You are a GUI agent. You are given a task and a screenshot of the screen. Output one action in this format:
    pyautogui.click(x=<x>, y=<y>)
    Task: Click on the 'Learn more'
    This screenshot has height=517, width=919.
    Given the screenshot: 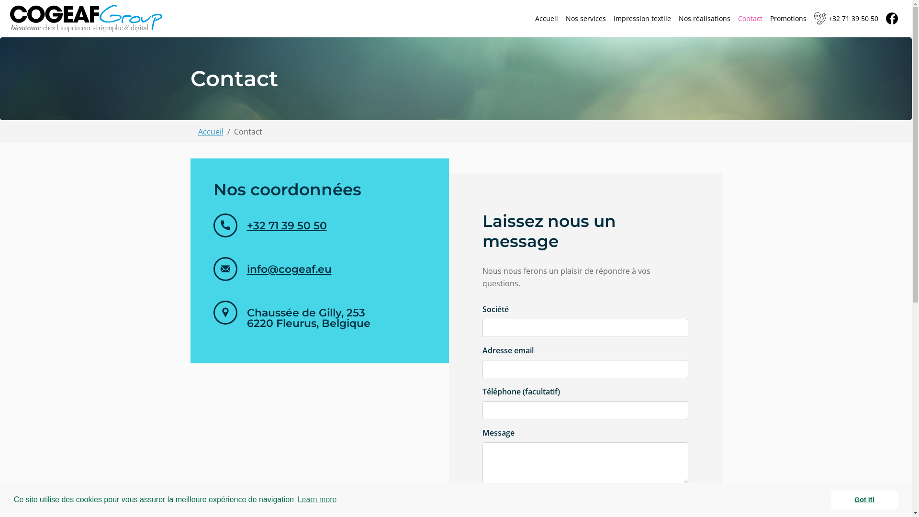 What is the action you would take?
    pyautogui.click(x=295, y=499)
    